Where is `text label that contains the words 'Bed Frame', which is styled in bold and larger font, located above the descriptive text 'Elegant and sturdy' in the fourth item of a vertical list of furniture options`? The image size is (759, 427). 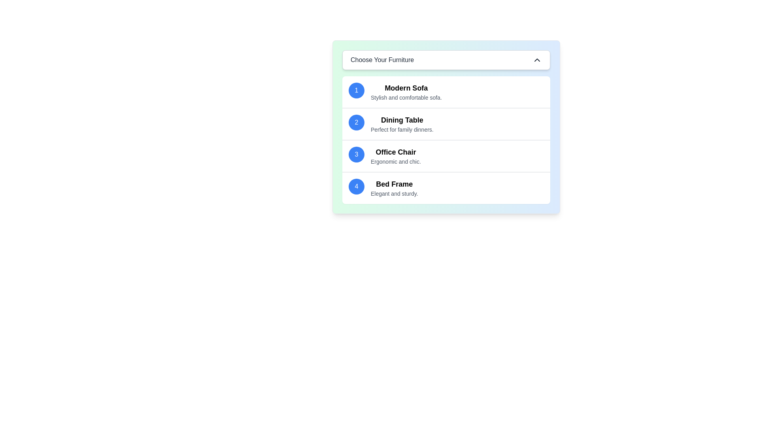 text label that contains the words 'Bed Frame', which is styled in bold and larger font, located above the descriptive text 'Elegant and sturdy' in the fourth item of a vertical list of furniture options is located at coordinates (394, 184).